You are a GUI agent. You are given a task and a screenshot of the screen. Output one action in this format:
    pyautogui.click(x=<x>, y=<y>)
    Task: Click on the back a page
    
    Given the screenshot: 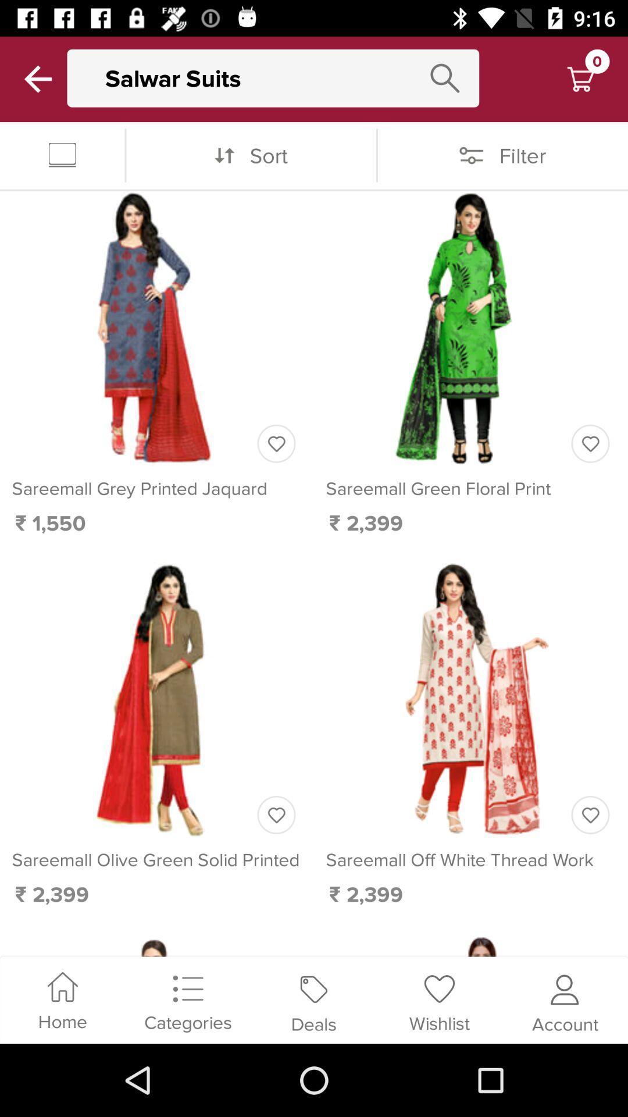 What is the action you would take?
    pyautogui.click(x=37, y=79)
    